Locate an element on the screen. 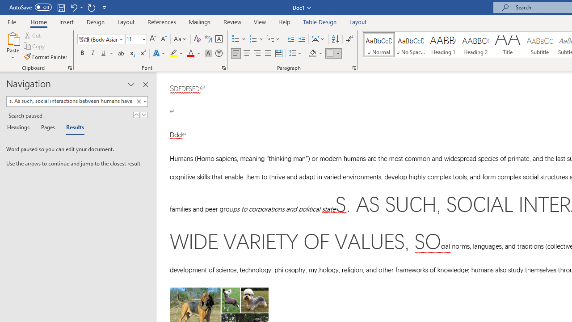  'Table Design' is located at coordinates (320, 21).